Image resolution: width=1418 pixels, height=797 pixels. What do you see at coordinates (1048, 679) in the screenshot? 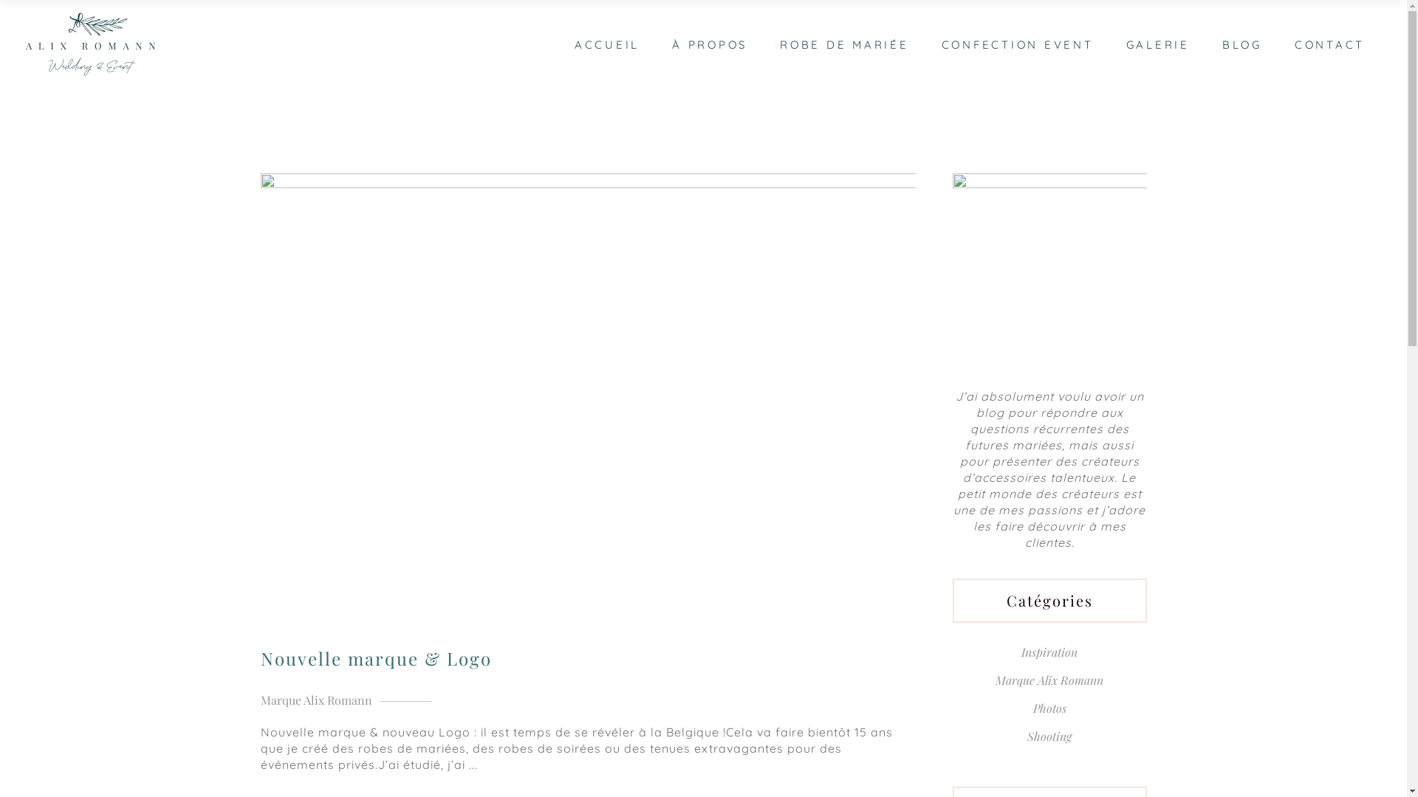
I see `'Marque Alix Romann'` at bounding box center [1048, 679].